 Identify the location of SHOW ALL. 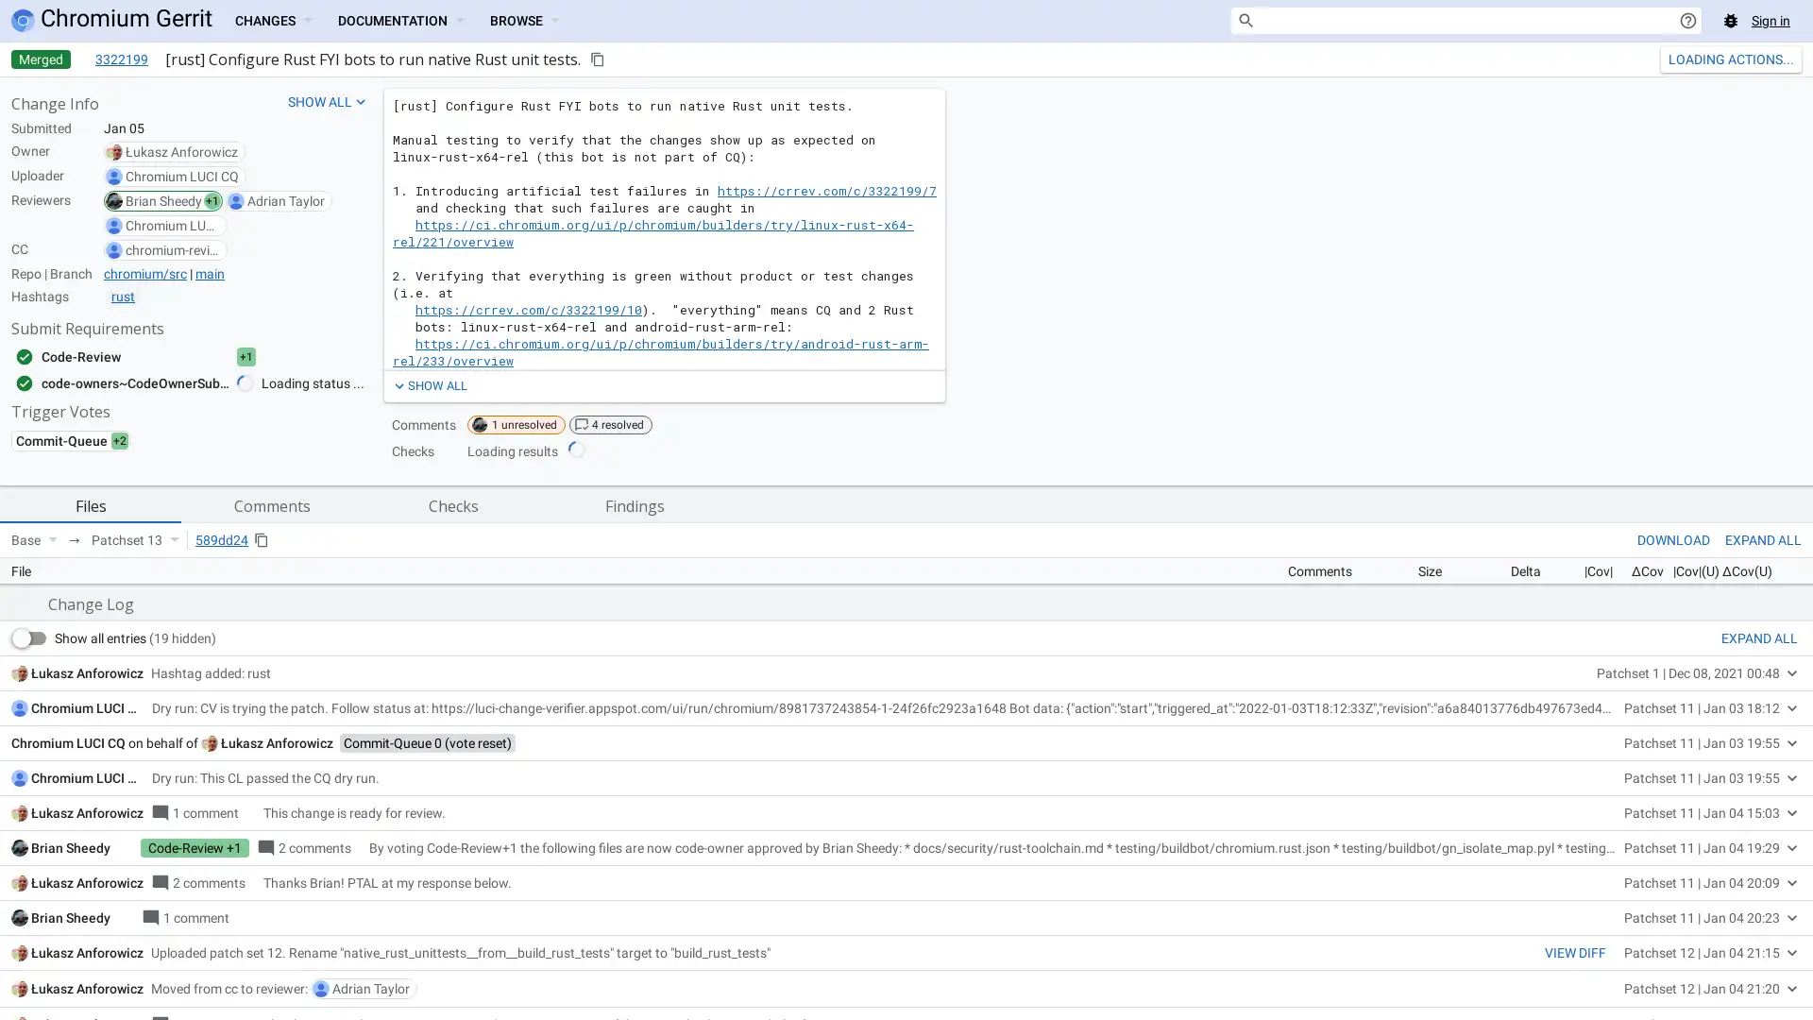
(428, 384).